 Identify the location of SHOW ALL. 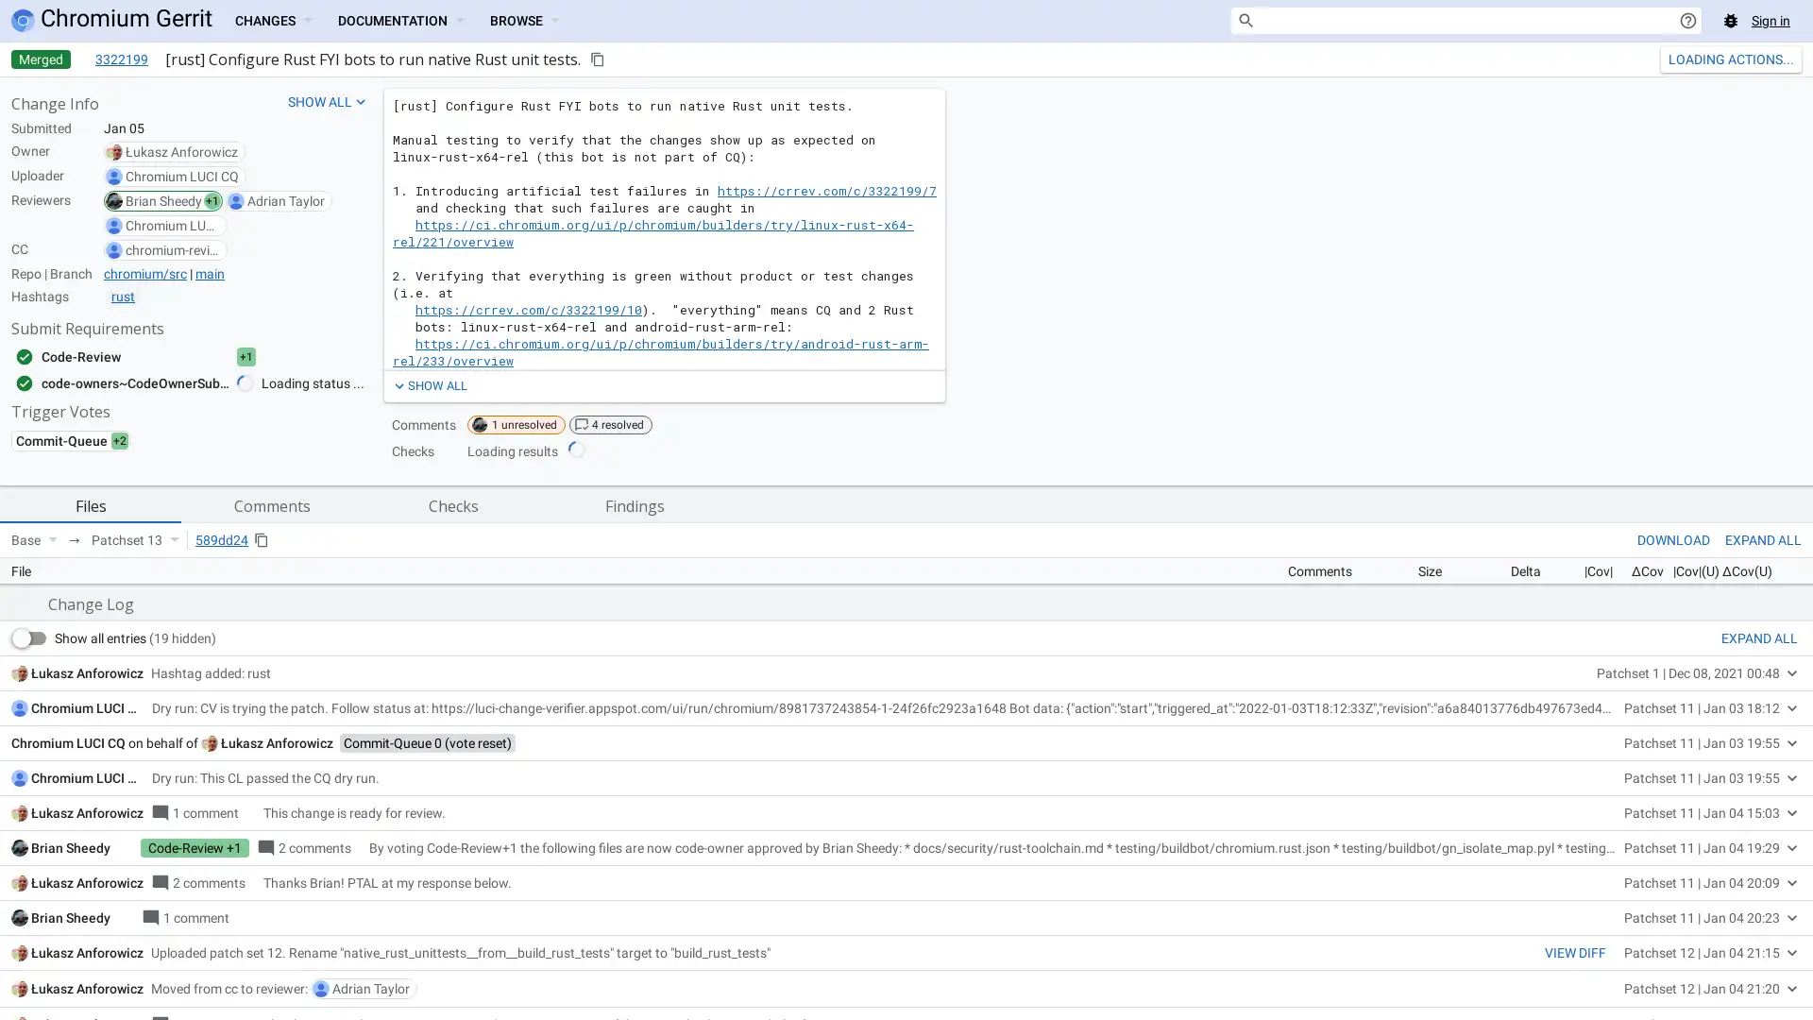
(428, 384).